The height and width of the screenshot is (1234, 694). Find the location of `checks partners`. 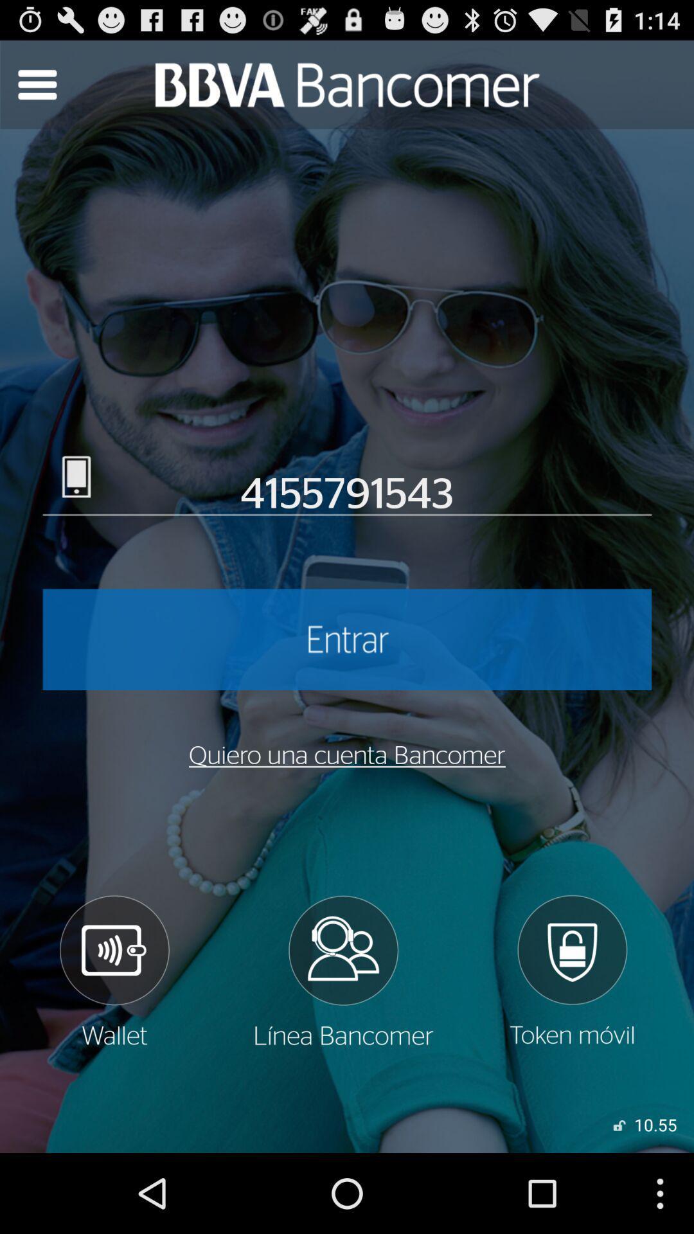

checks partners is located at coordinates (342, 971).